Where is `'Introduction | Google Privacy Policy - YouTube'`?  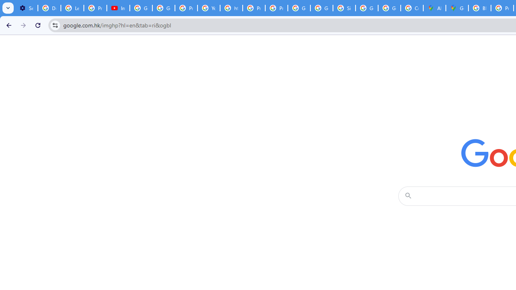 'Introduction | Google Privacy Policy - YouTube' is located at coordinates (118, 8).